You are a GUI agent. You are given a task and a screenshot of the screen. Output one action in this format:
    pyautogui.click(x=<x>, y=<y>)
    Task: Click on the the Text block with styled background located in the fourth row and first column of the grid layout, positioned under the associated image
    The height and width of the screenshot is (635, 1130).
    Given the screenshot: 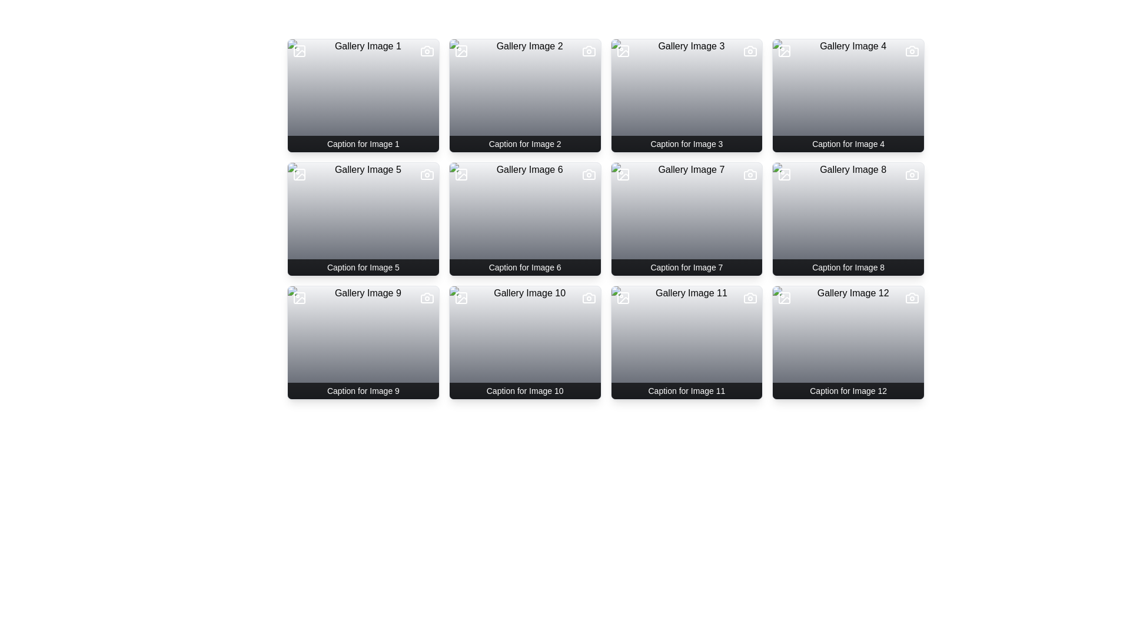 What is the action you would take?
    pyautogui.click(x=363, y=390)
    